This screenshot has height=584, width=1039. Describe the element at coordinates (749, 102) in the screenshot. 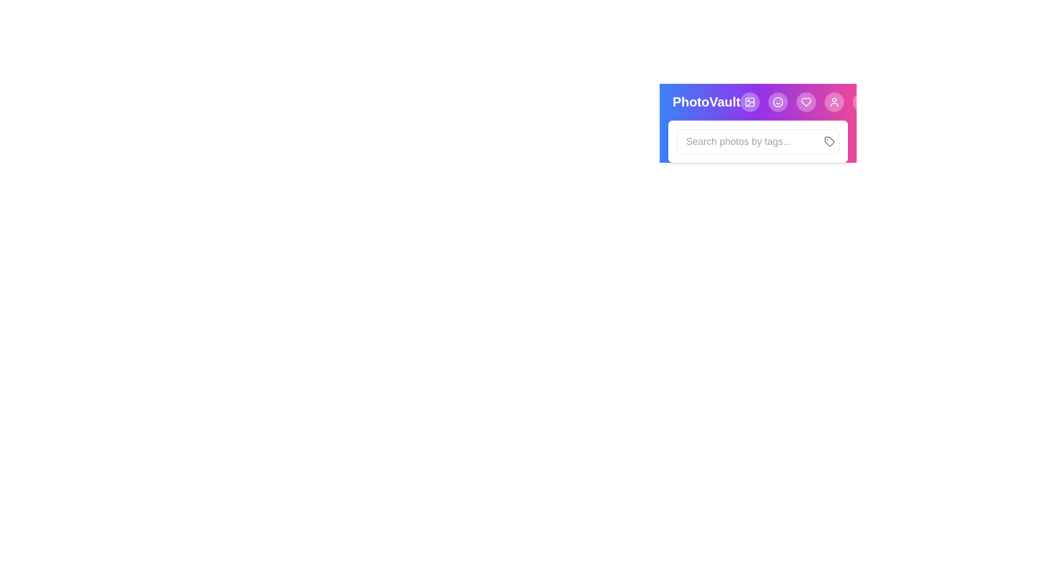

I see `the Image button to navigate to the corresponding feature` at that location.